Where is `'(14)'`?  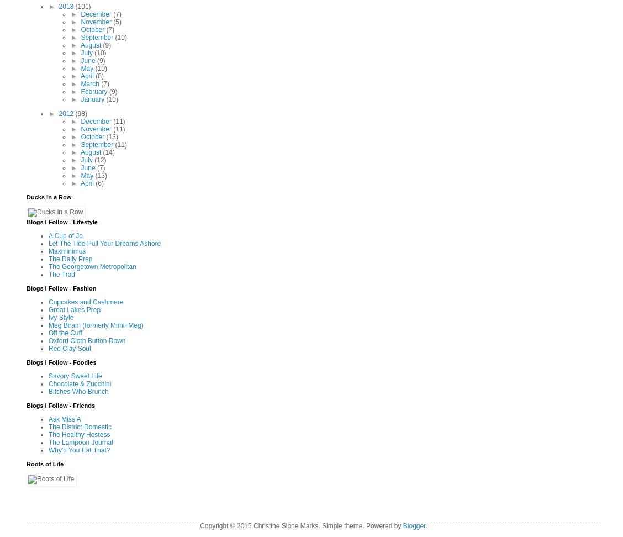 '(14)' is located at coordinates (108, 151).